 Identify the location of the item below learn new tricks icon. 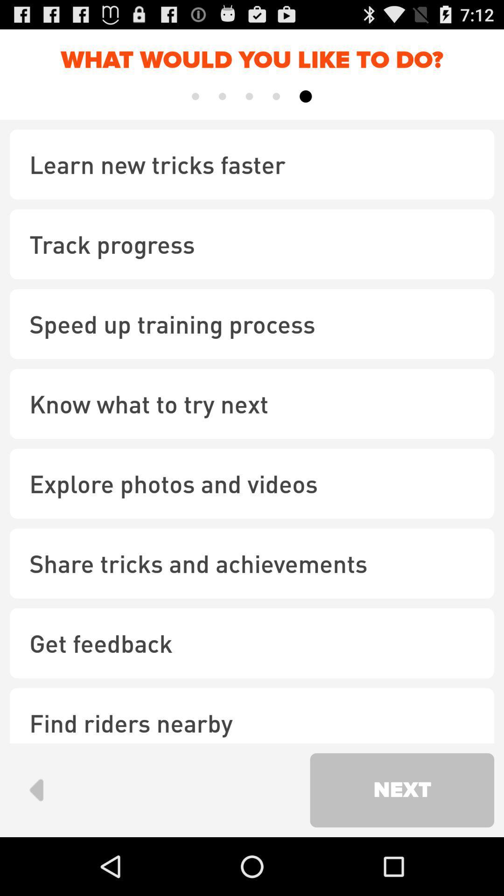
(252, 244).